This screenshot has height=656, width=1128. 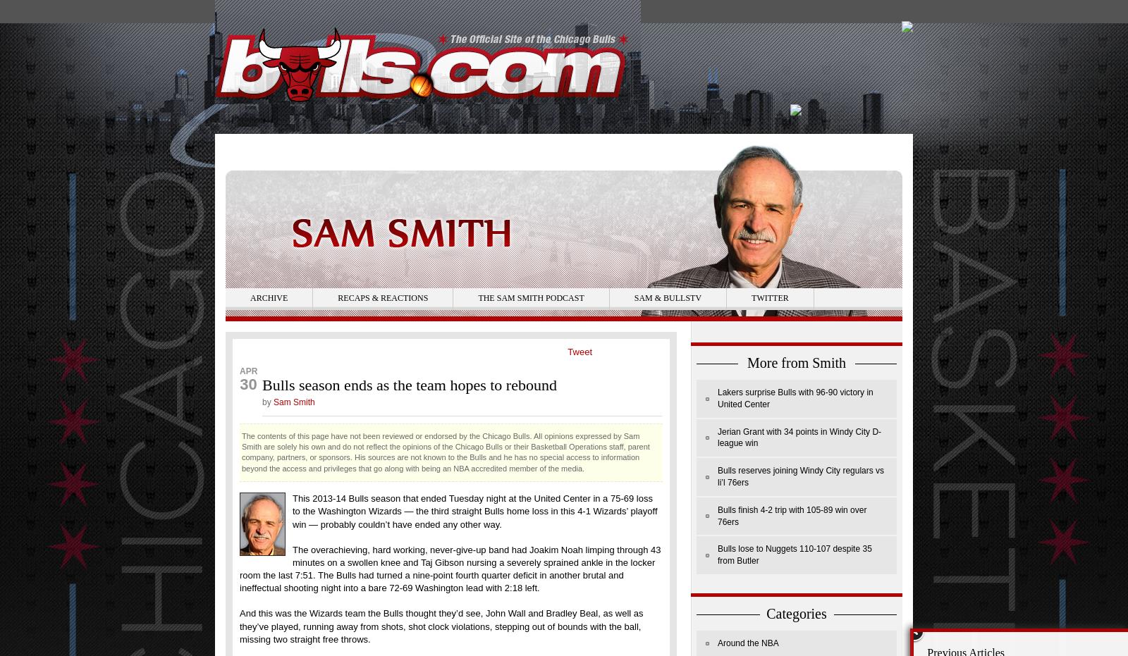 I want to click on 'Sam & BullsTV', so click(x=667, y=297).